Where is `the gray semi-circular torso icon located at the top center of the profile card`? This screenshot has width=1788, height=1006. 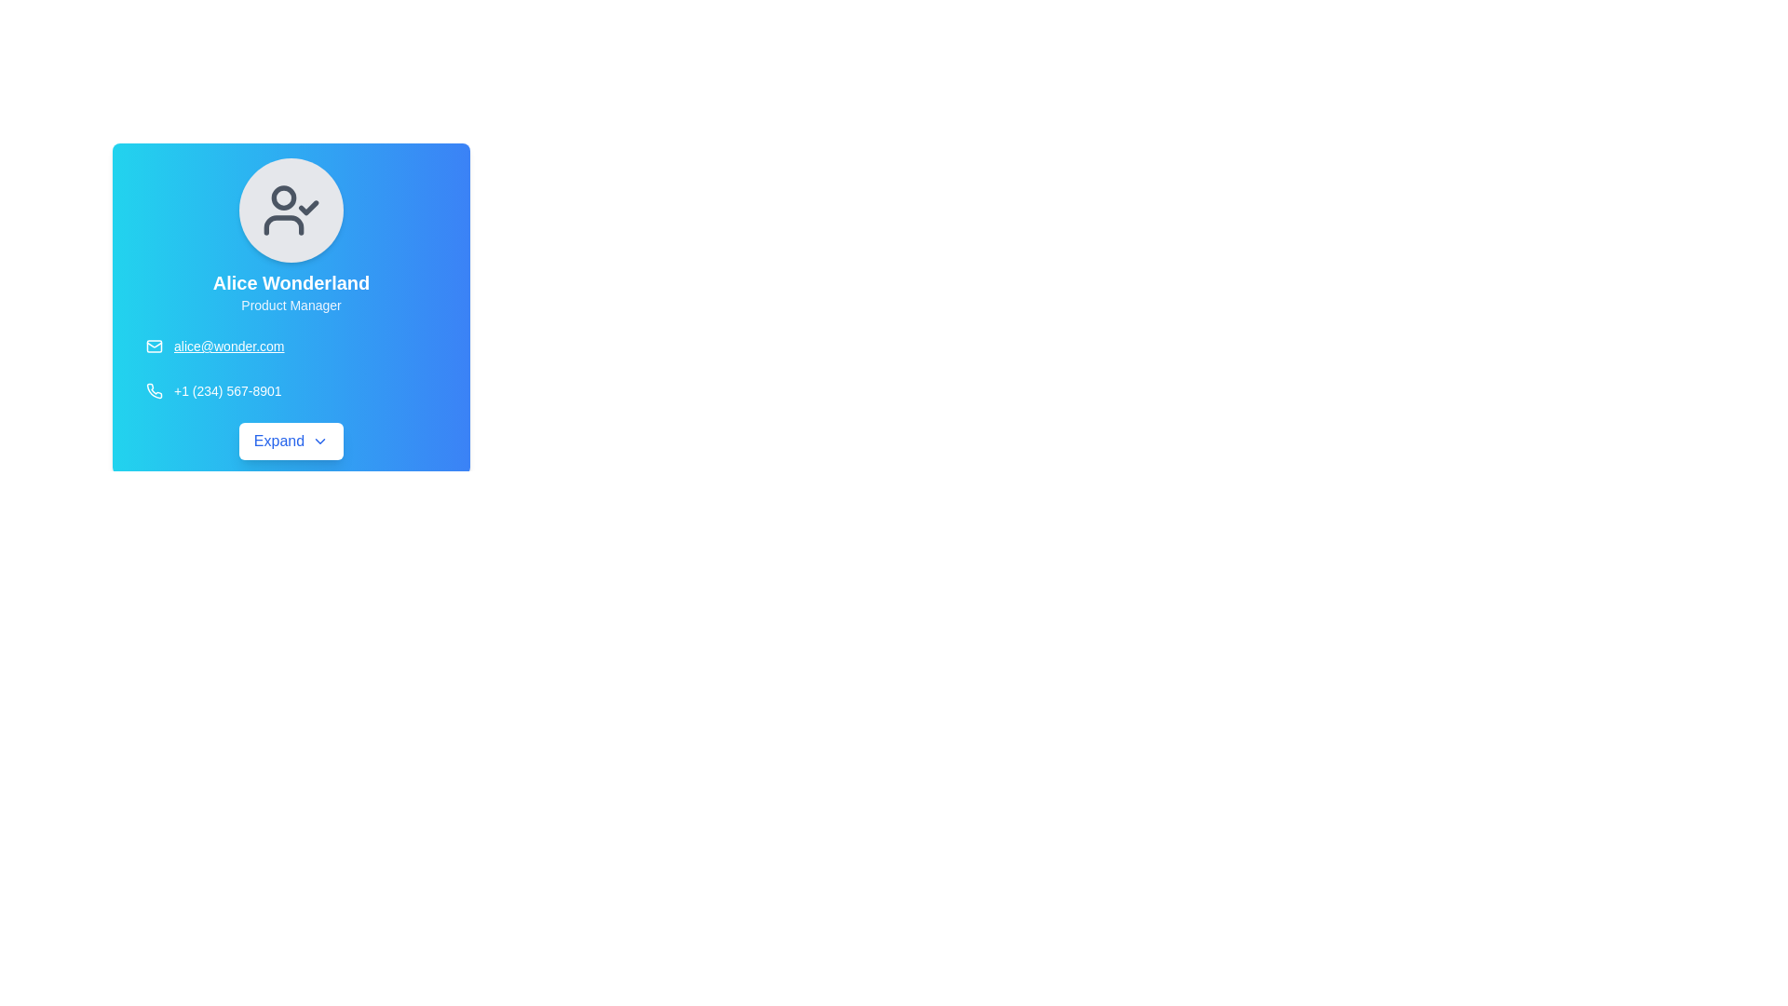 the gray semi-circular torso icon located at the top center of the profile card is located at coordinates (283, 224).